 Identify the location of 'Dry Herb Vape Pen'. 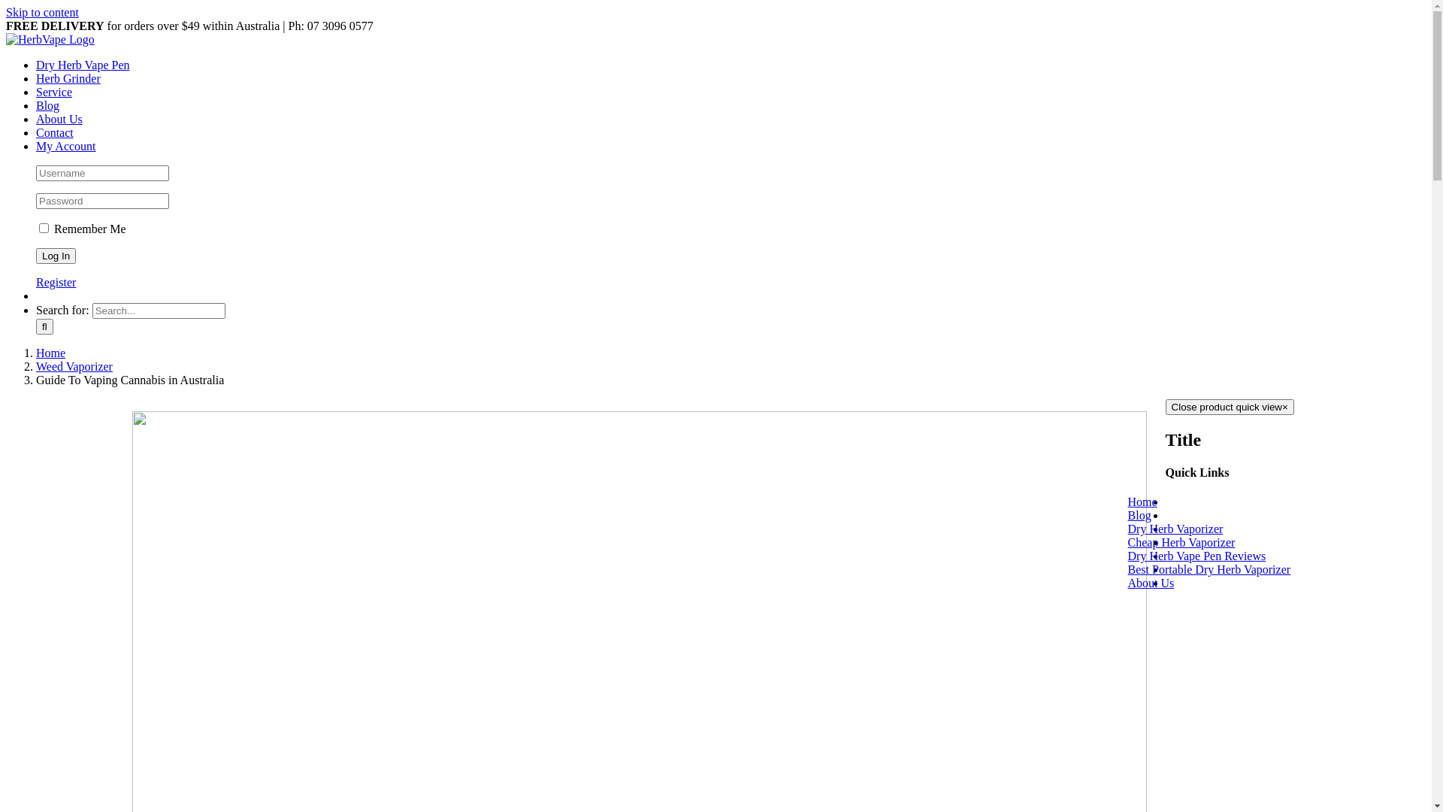
(36, 64).